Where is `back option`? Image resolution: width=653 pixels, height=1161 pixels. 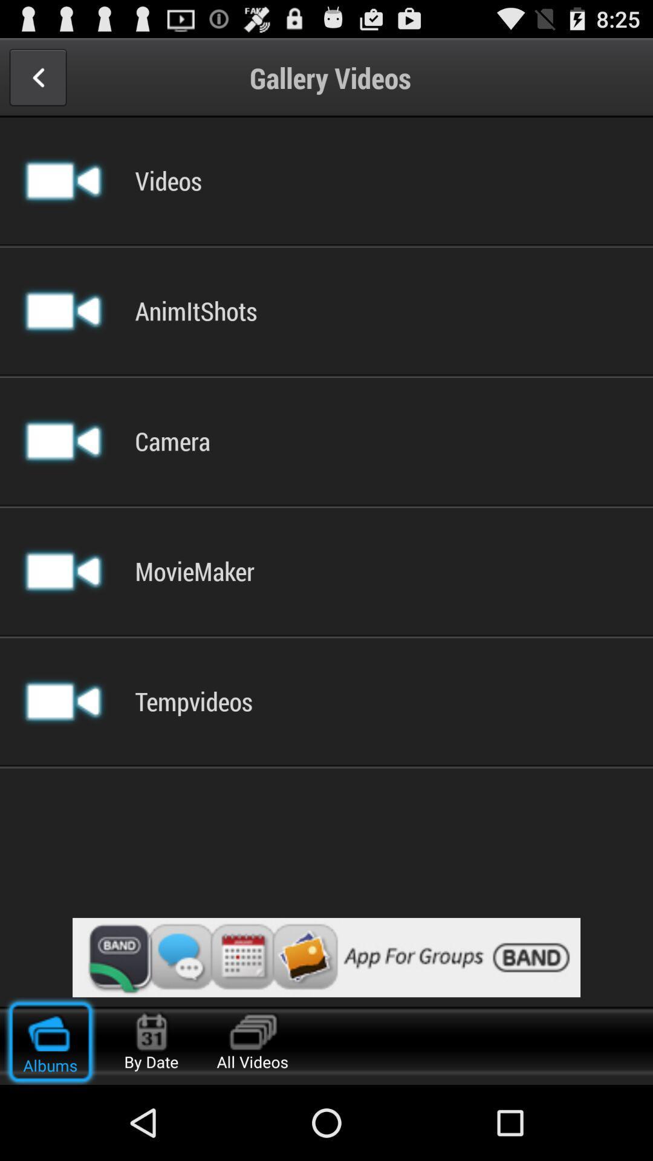 back option is located at coordinates (37, 77).